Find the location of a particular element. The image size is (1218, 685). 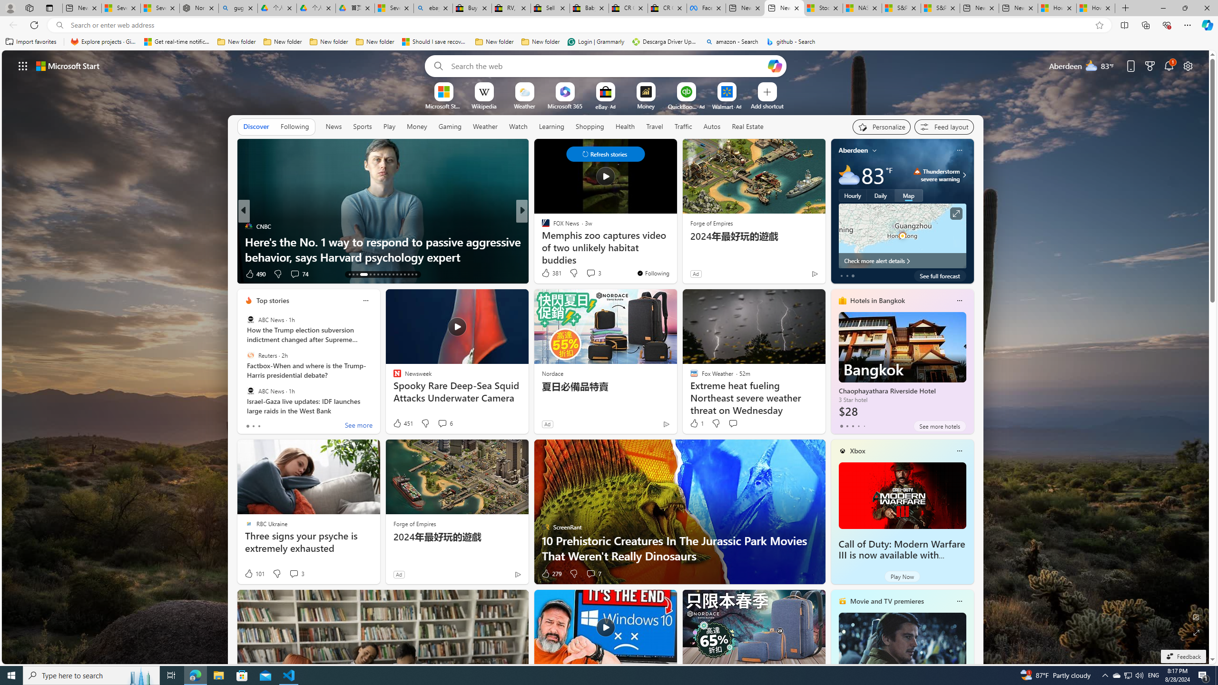

'Personalize your feed"' is located at coordinates (881, 127).